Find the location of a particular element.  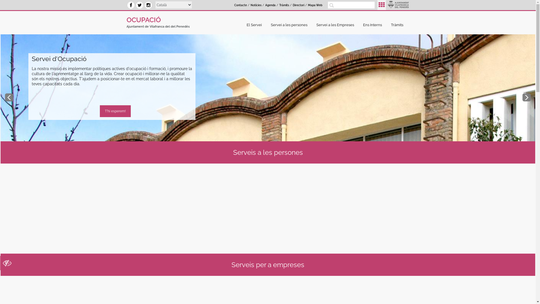

'Agenda' is located at coordinates (270, 5).